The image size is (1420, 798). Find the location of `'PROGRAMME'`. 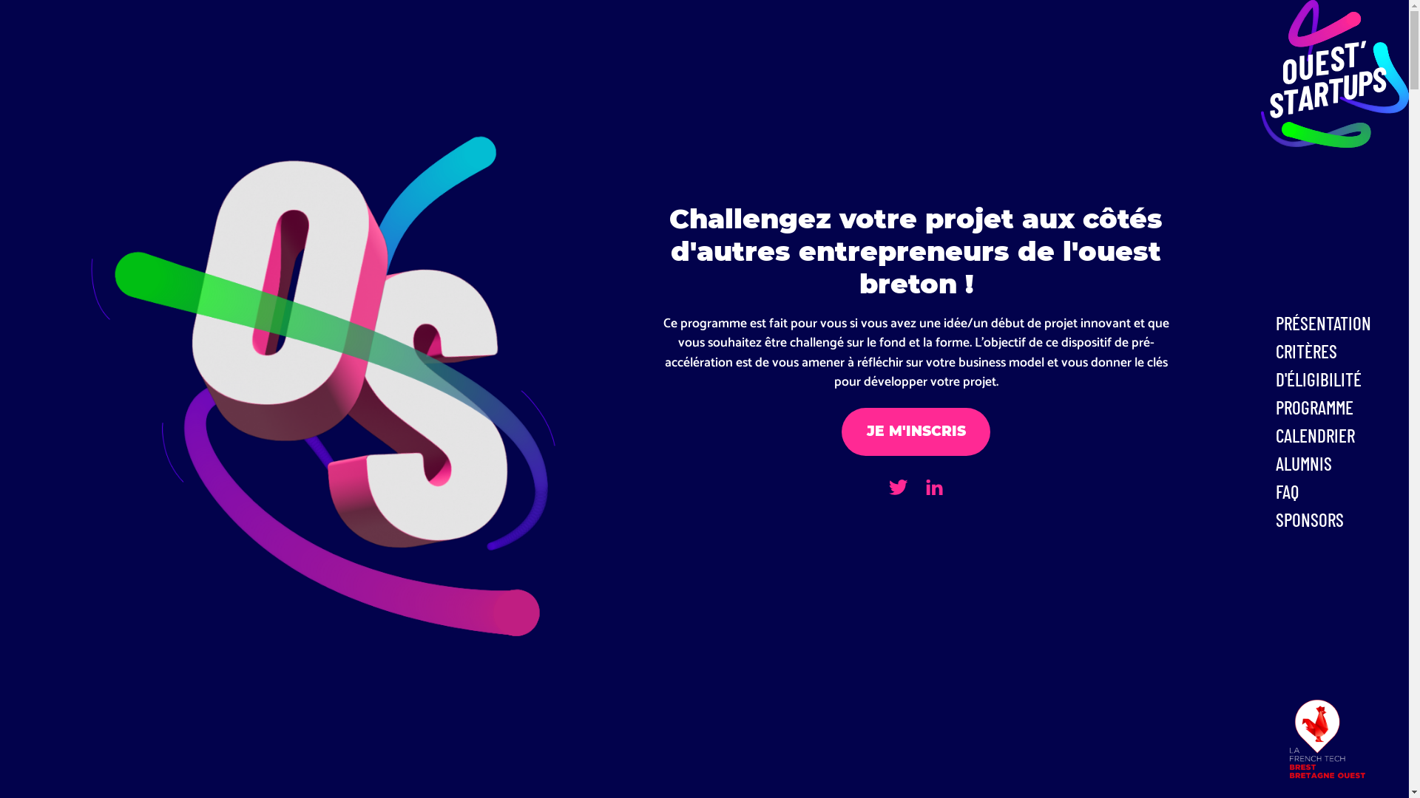

'PROGRAMME' is located at coordinates (1338, 407).